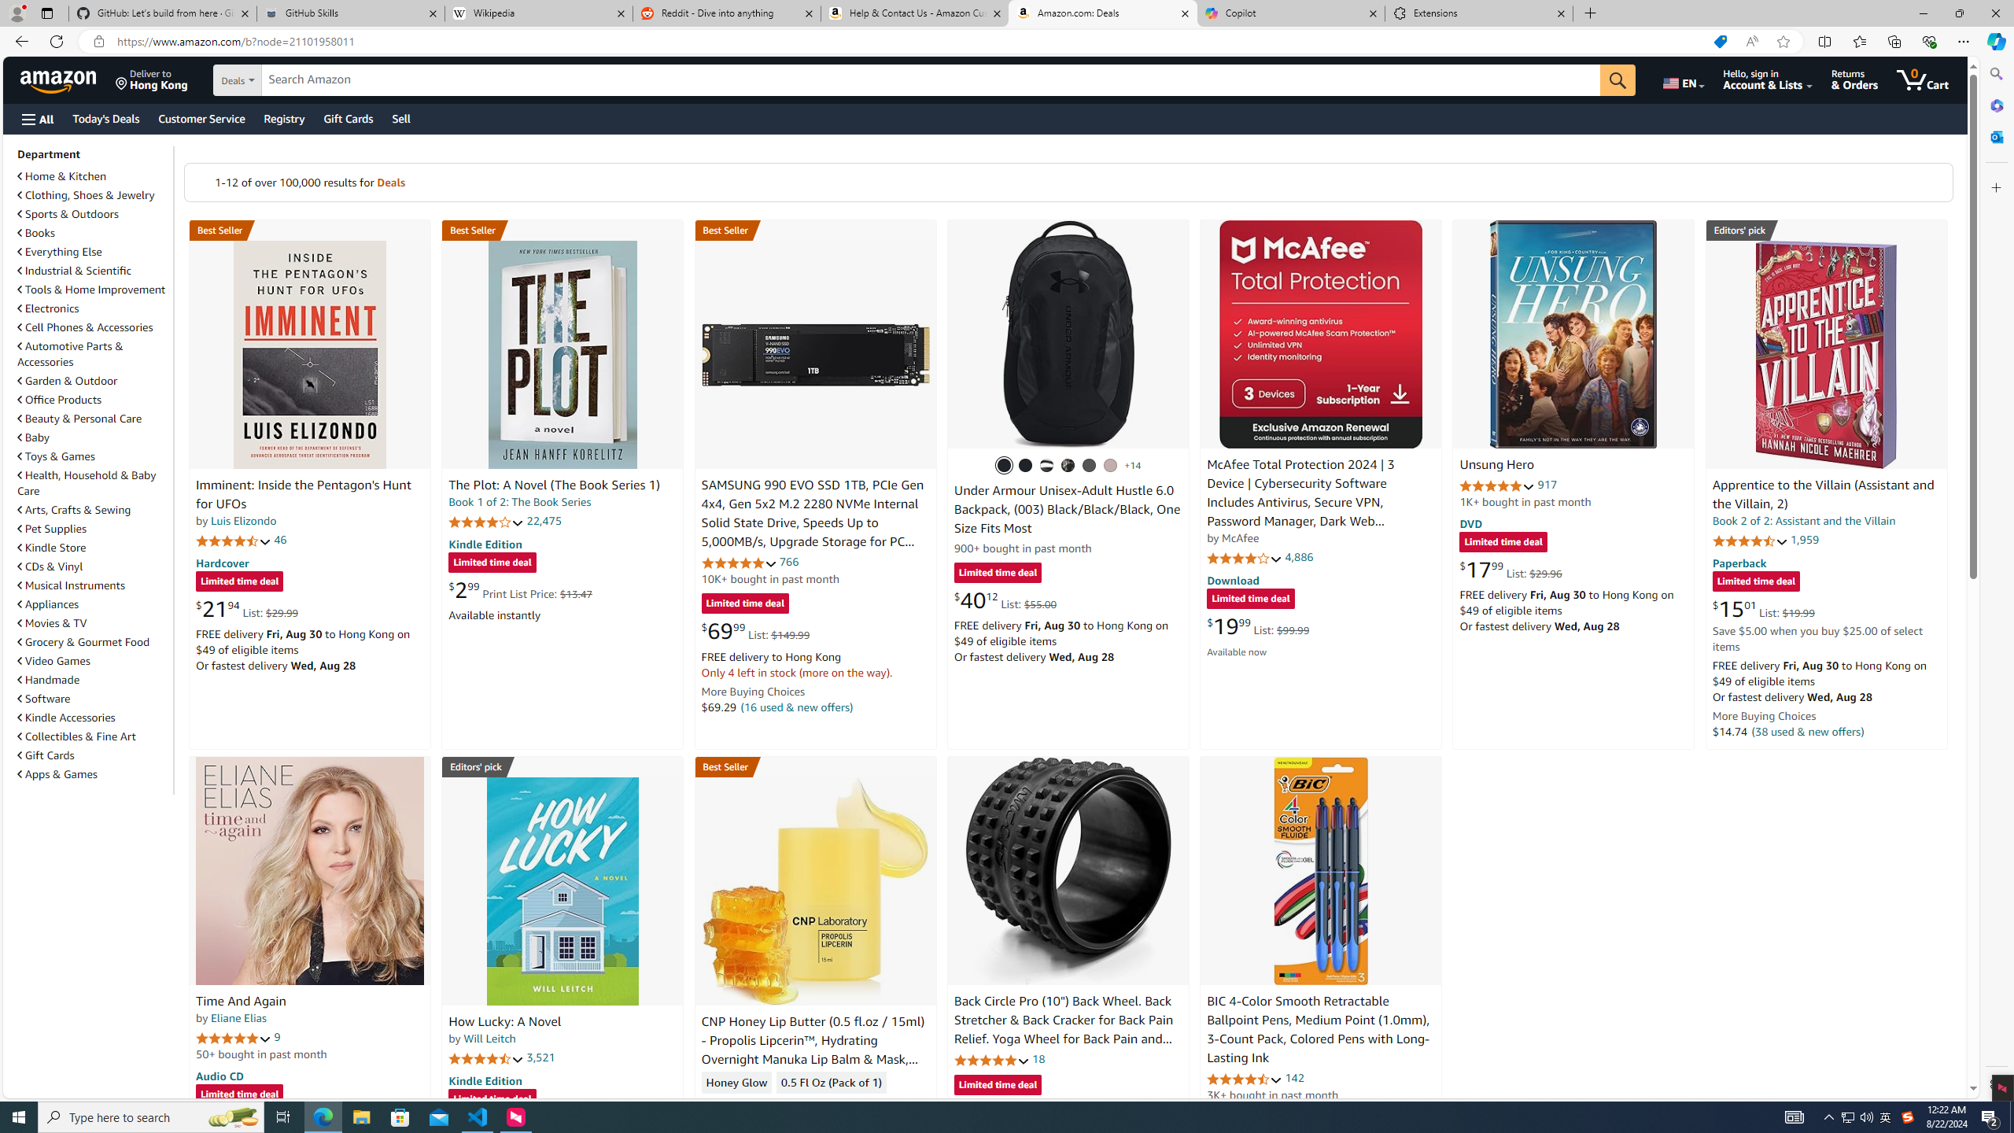 The image size is (2014, 1133). What do you see at coordinates (93, 509) in the screenshot?
I see `'Arts, Crafts & Sewing'` at bounding box center [93, 509].